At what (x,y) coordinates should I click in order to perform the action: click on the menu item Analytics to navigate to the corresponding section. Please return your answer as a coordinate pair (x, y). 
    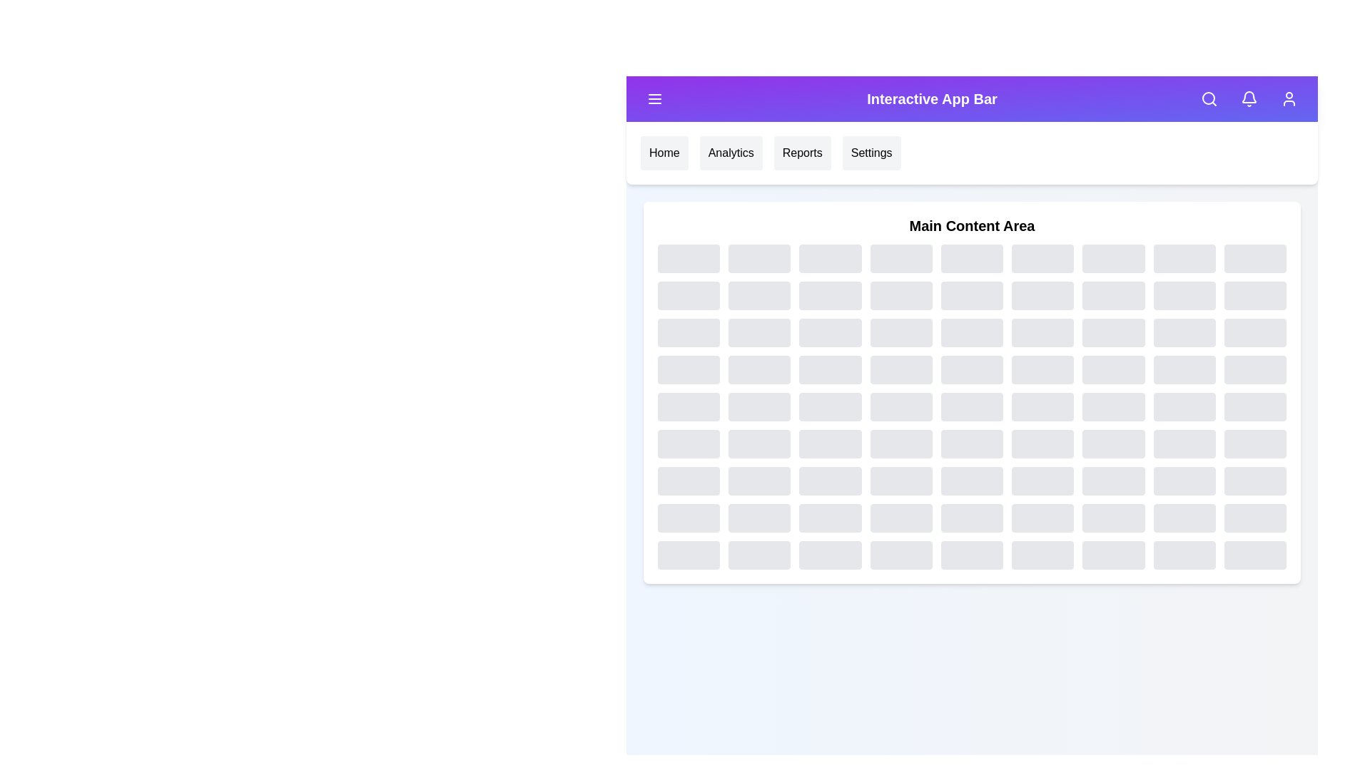
    Looking at the image, I should click on (731, 153).